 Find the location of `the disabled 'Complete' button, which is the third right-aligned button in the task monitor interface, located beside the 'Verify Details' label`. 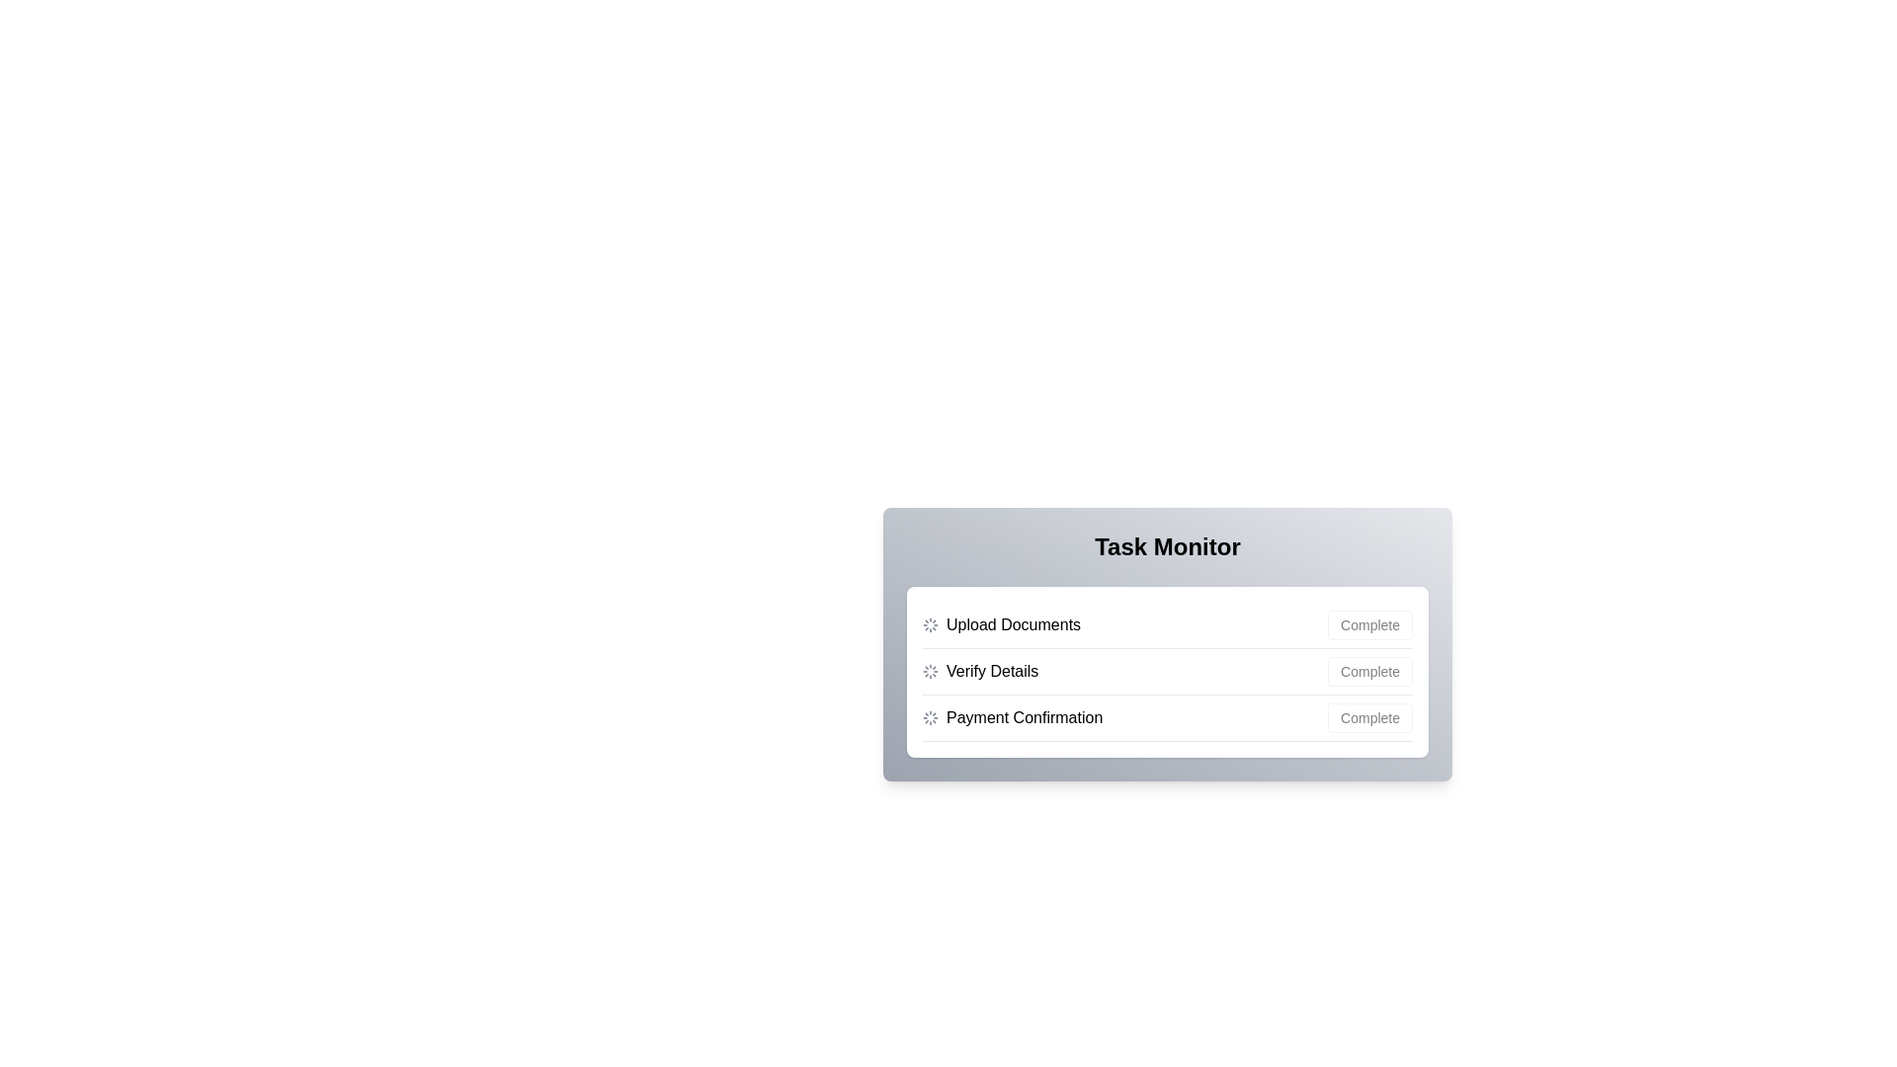

the disabled 'Complete' button, which is the third right-aligned button in the task monitor interface, located beside the 'Verify Details' label is located at coordinates (1369, 670).